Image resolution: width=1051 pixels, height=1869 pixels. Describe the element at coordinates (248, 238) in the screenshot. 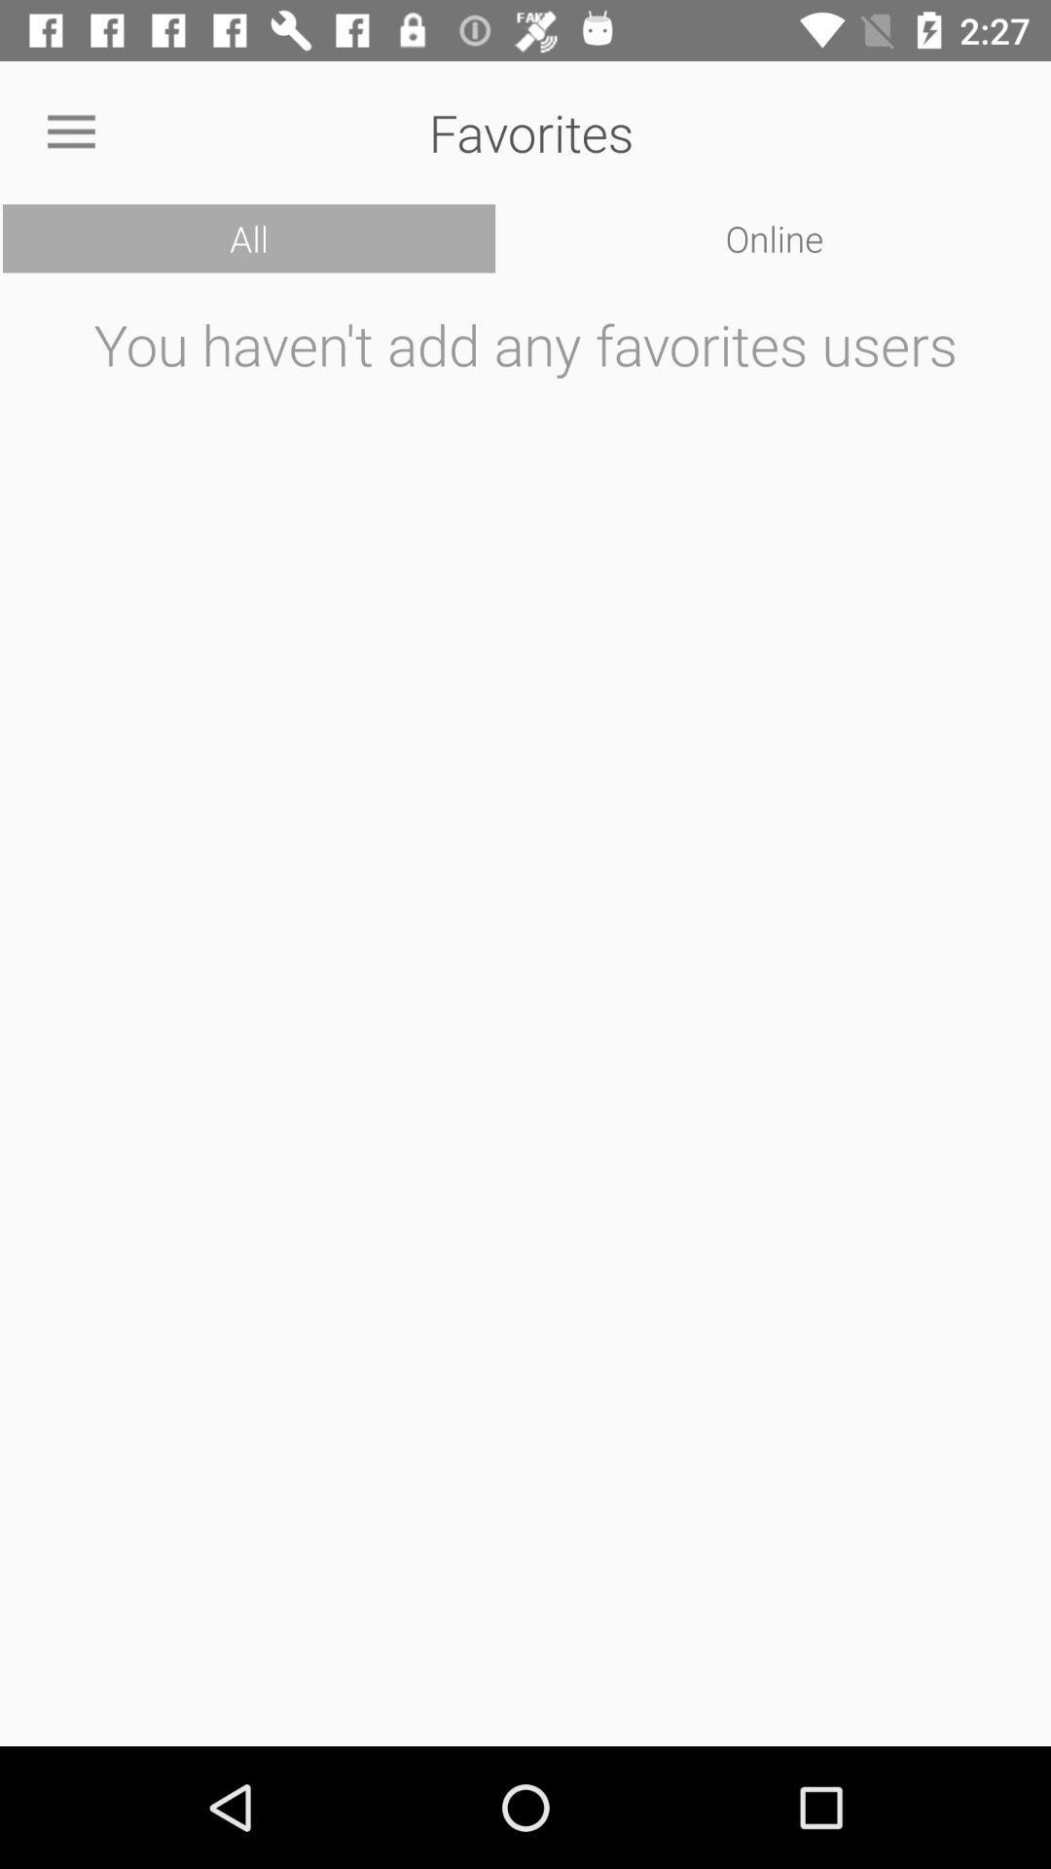

I see `the all` at that location.